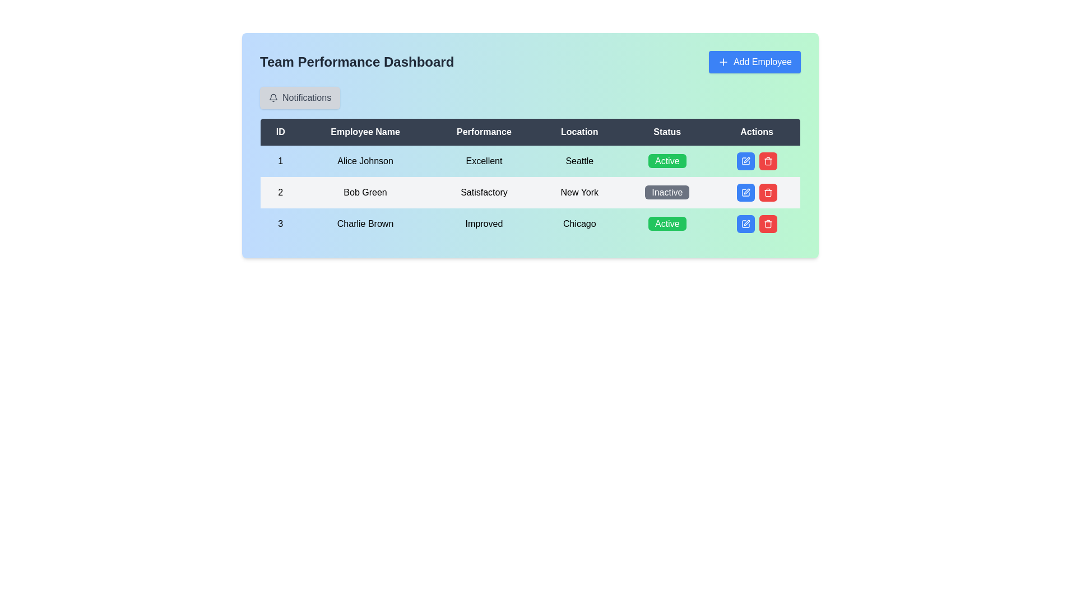 The width and height of the screenshot is (1076, 605). Describe the element at coordinates (767, 161) in the screenshot. I see `the red button with a trash can icon located in the 'Actions' column of the second row` at that location.